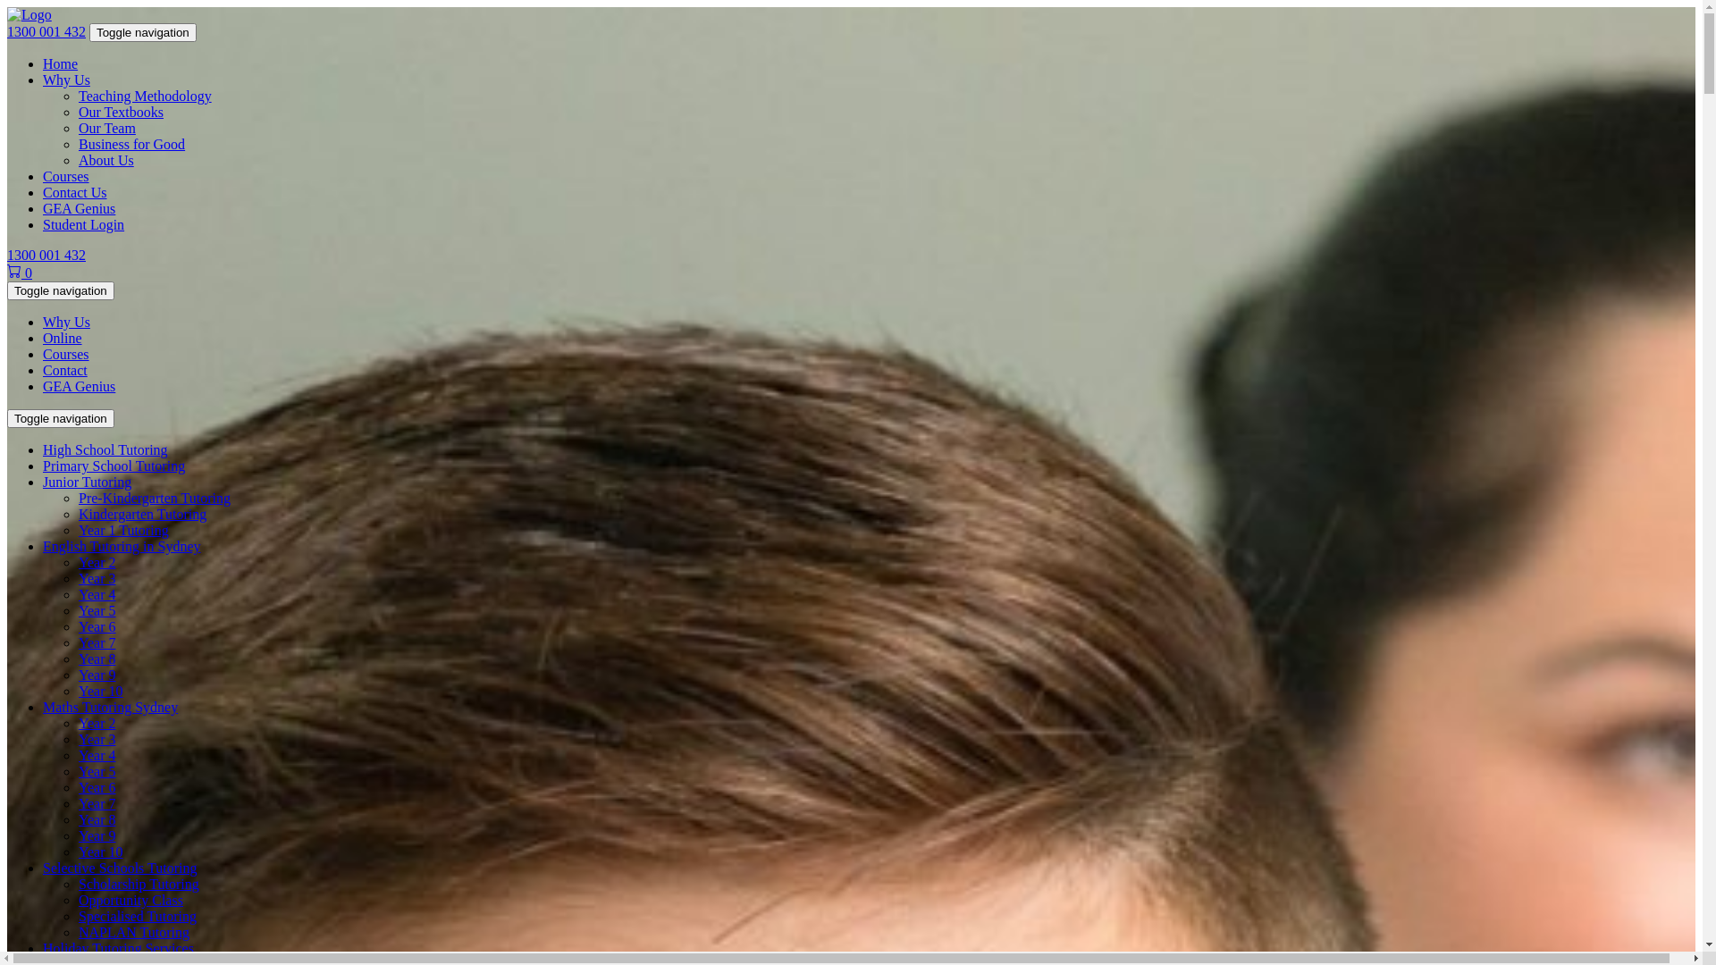 The height and width of the screenshot is (965, 1716). Describe the element at coordinates (120, 545) in the screenshot. I see `'English Tutoring in Sydney'` at that location.